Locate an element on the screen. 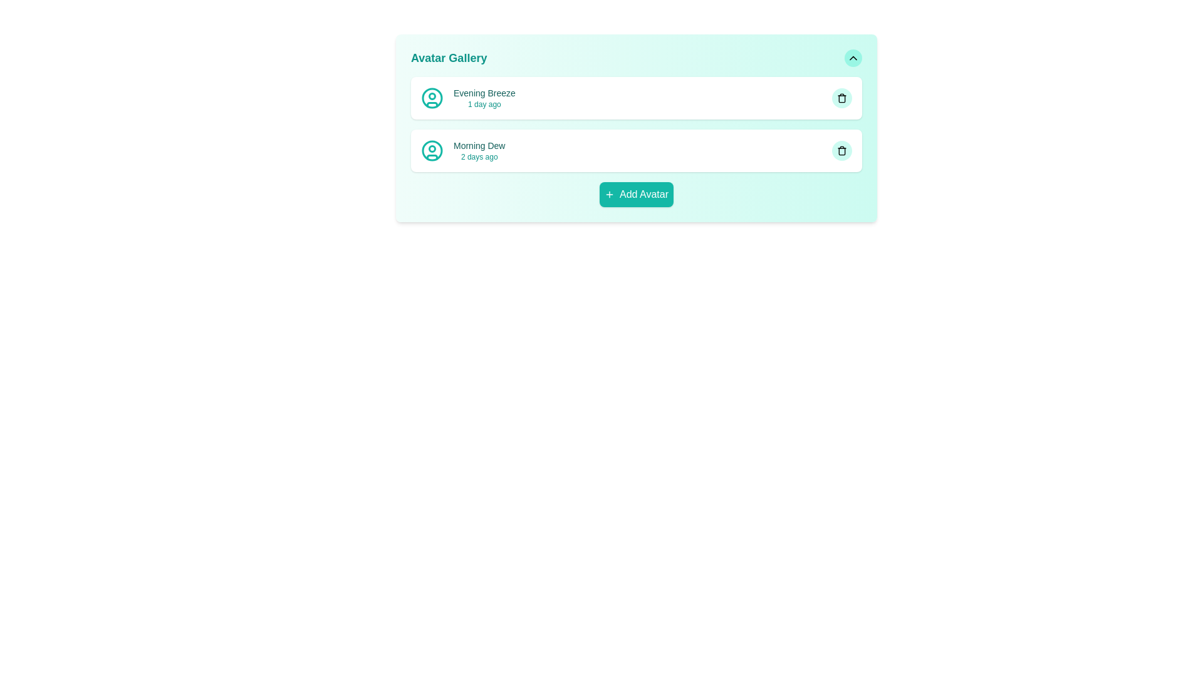 Image resolution: width=1203 pixels, height=676 pixels. the plus icon with a green background located on the left side of the 'Add Avatar' button is located at coordinates (610, 195).